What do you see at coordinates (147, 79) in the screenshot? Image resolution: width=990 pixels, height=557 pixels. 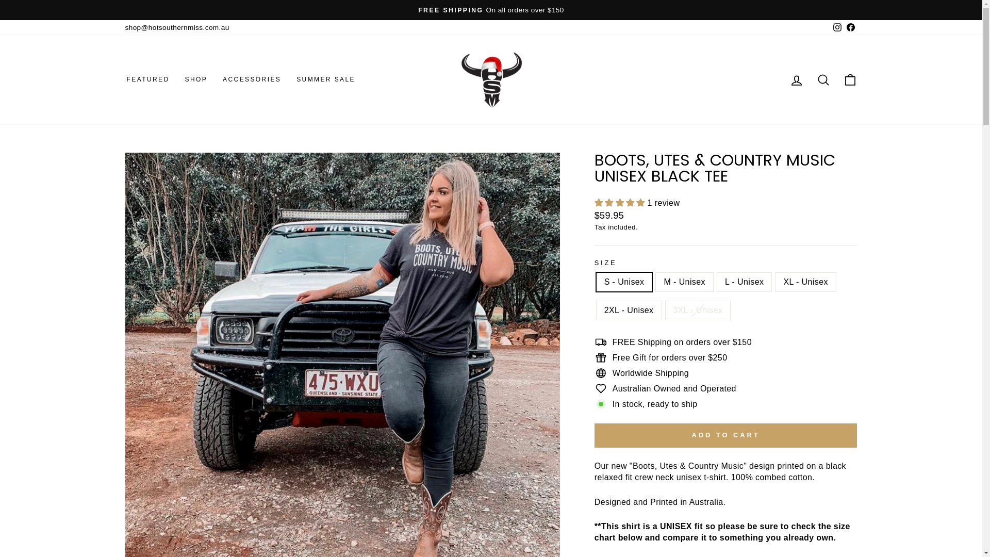 I see `'FEATURED'` at bounding box center [147, 79].